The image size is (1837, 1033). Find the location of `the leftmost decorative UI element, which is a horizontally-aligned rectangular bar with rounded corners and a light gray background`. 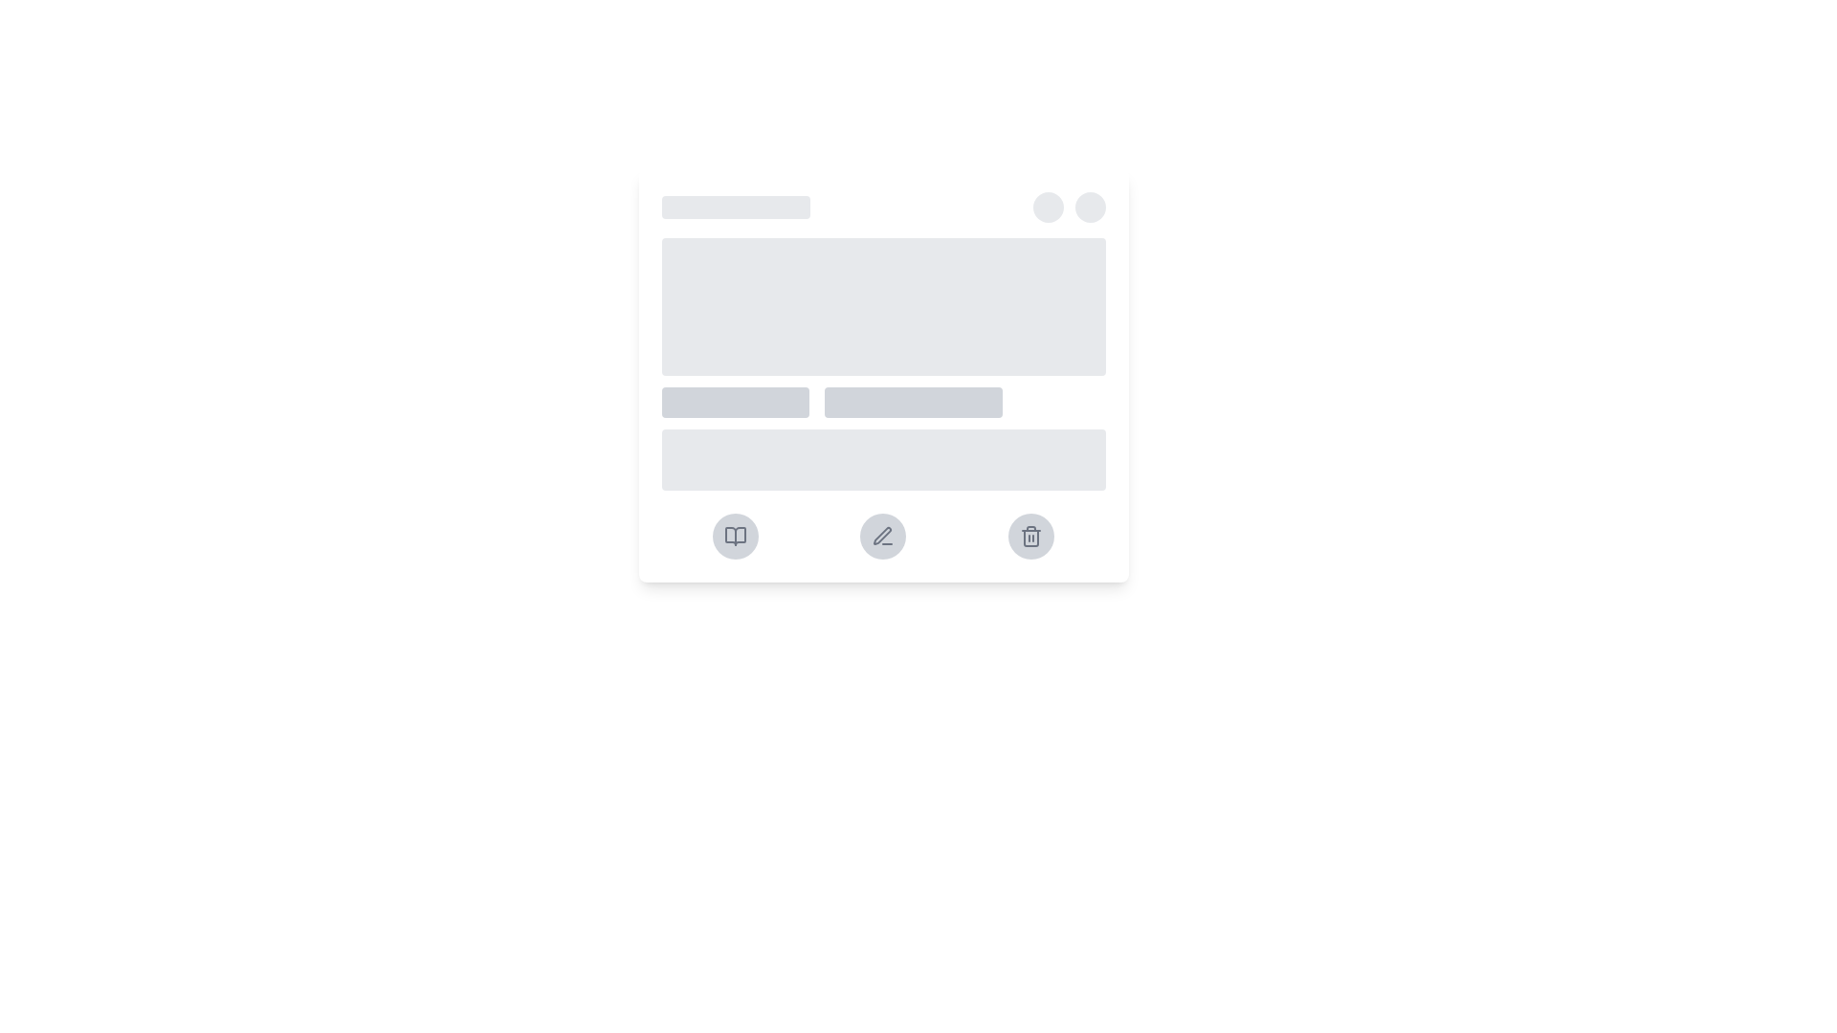

the leftmost decorative UI element, which is a horizontally-aligned rectangular bar with rounded corners and a light gray background is located at coordinates (734, 401).